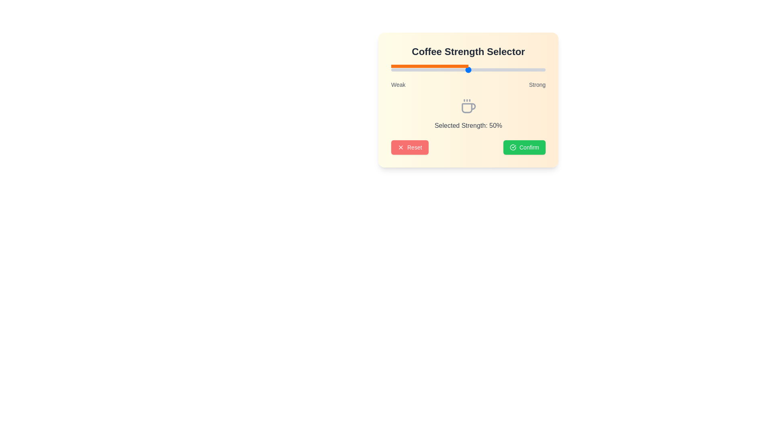 The width and height of the screenshot is (772, 434). I want to click on the circular green confirmation icon with a white 'check' mark located on the left side of the 'Confirm' button, so click(513, 147).